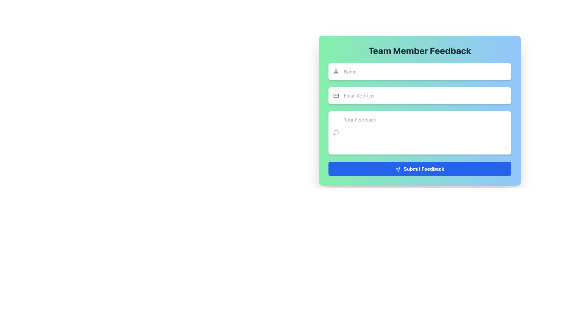 This screenshot has height=324, width=577. I want to click on the SVG icon resembling a square speech bubble located towards the left end of the 'Your Feedback' placeholder area, so click(336, 133).